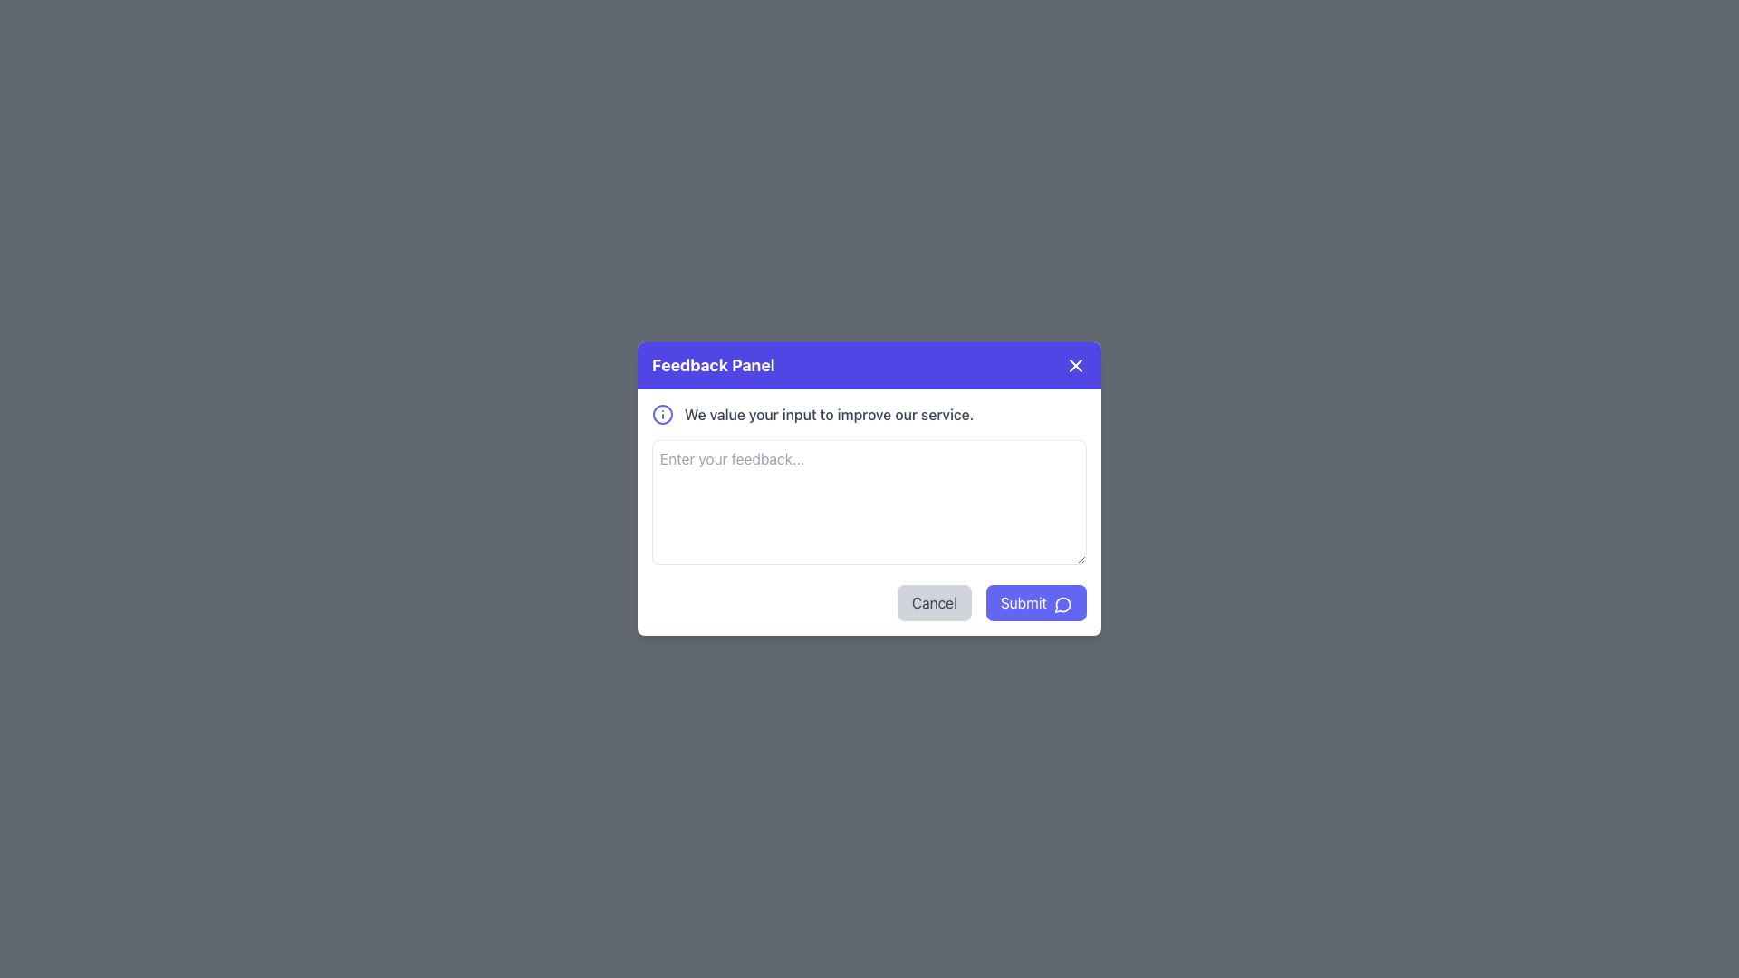 Image resolution: width=1739 pixels, height=978 pixels. What do you see at coordinates (661, 415) in the screenshot?
I see `the informational icon located at the top left of the feedback panel, which visually indicates an informational message next to the descriptive text` at bounding box center [661, 415].